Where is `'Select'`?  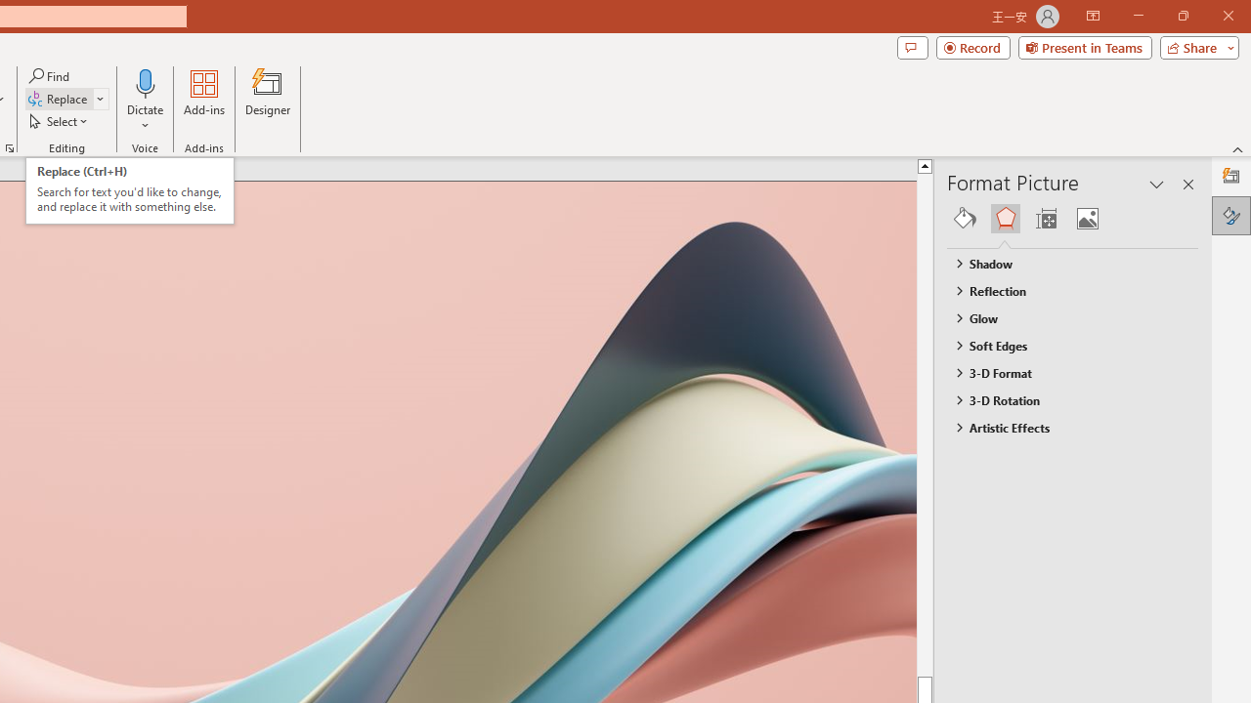
'Select' is located at coordinates (60, 121).